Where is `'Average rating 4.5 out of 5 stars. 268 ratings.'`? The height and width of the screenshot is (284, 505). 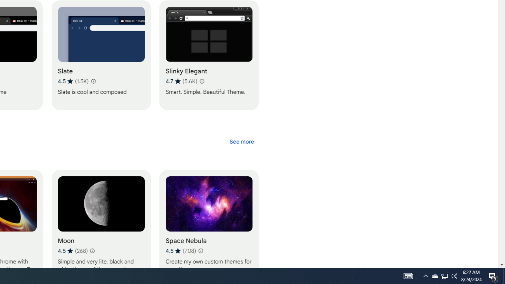
'Average rating 4.5 out of 5 stars. 268 ratings.' is located at coordinates (73, 250).